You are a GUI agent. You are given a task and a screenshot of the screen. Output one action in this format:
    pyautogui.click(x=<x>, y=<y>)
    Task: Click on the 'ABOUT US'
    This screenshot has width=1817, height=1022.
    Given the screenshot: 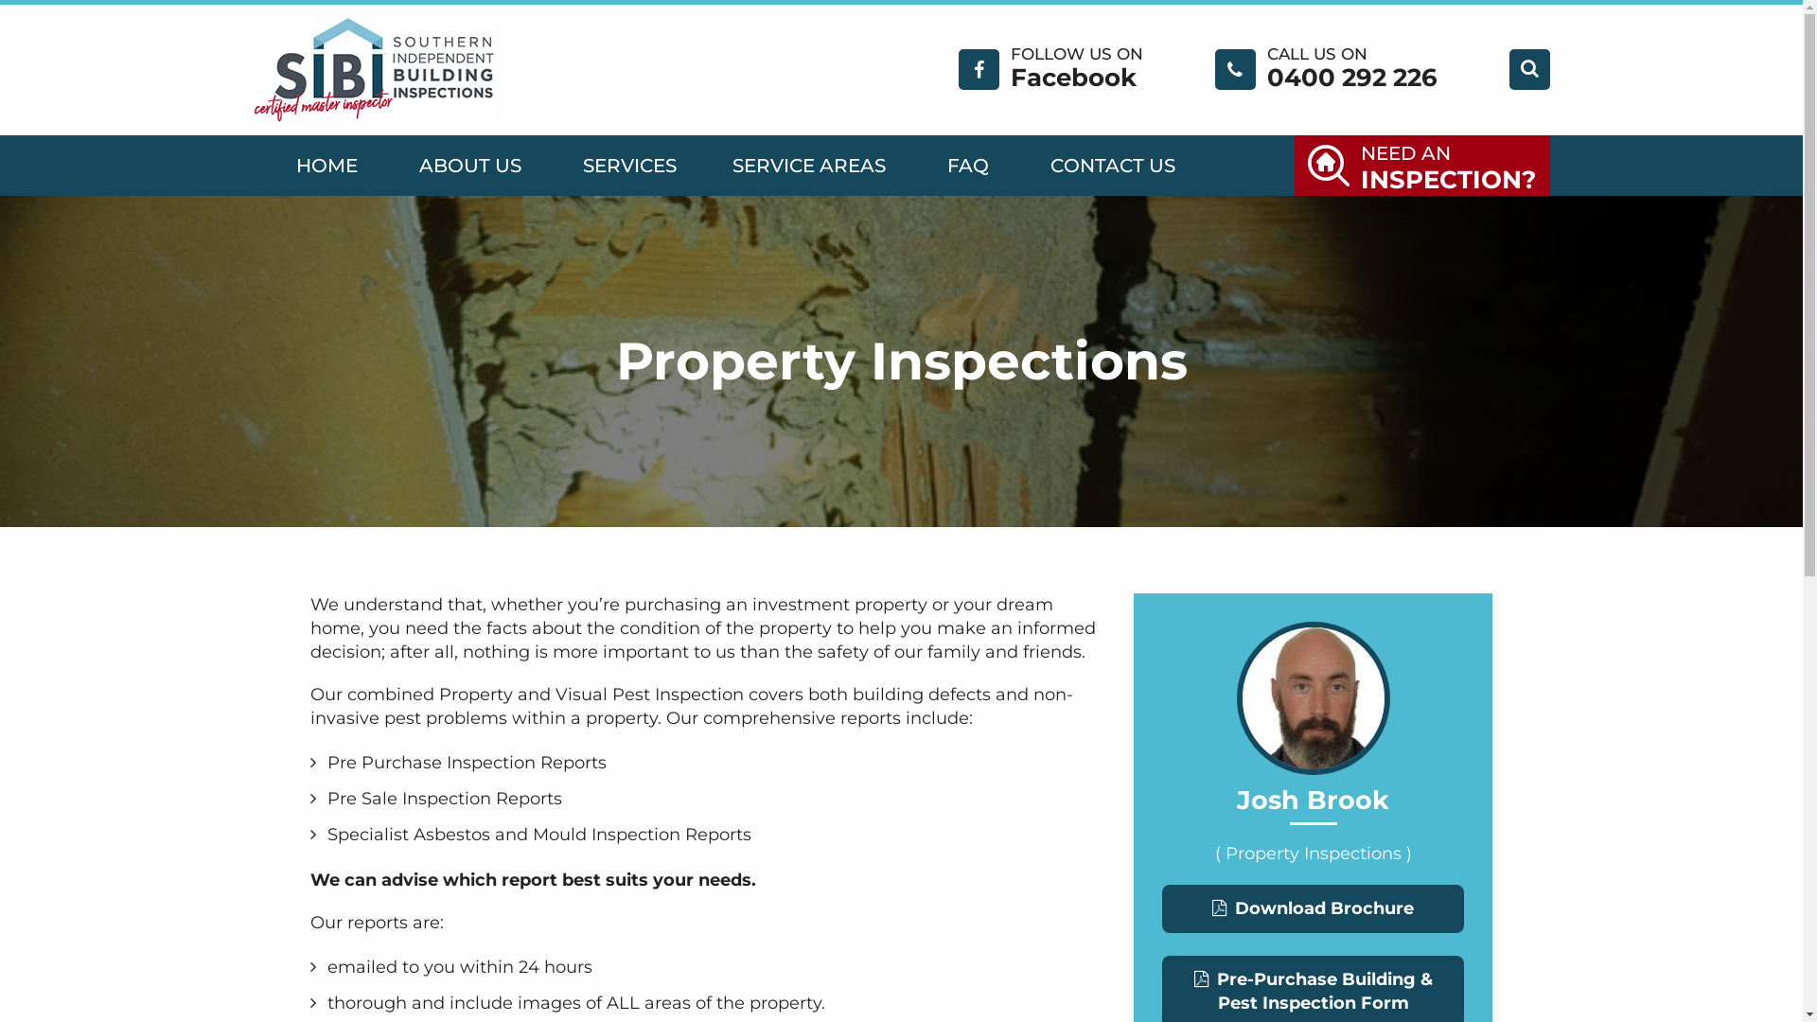 What is the action you would take?
    pyautogui.click(x=468, y=164)
    